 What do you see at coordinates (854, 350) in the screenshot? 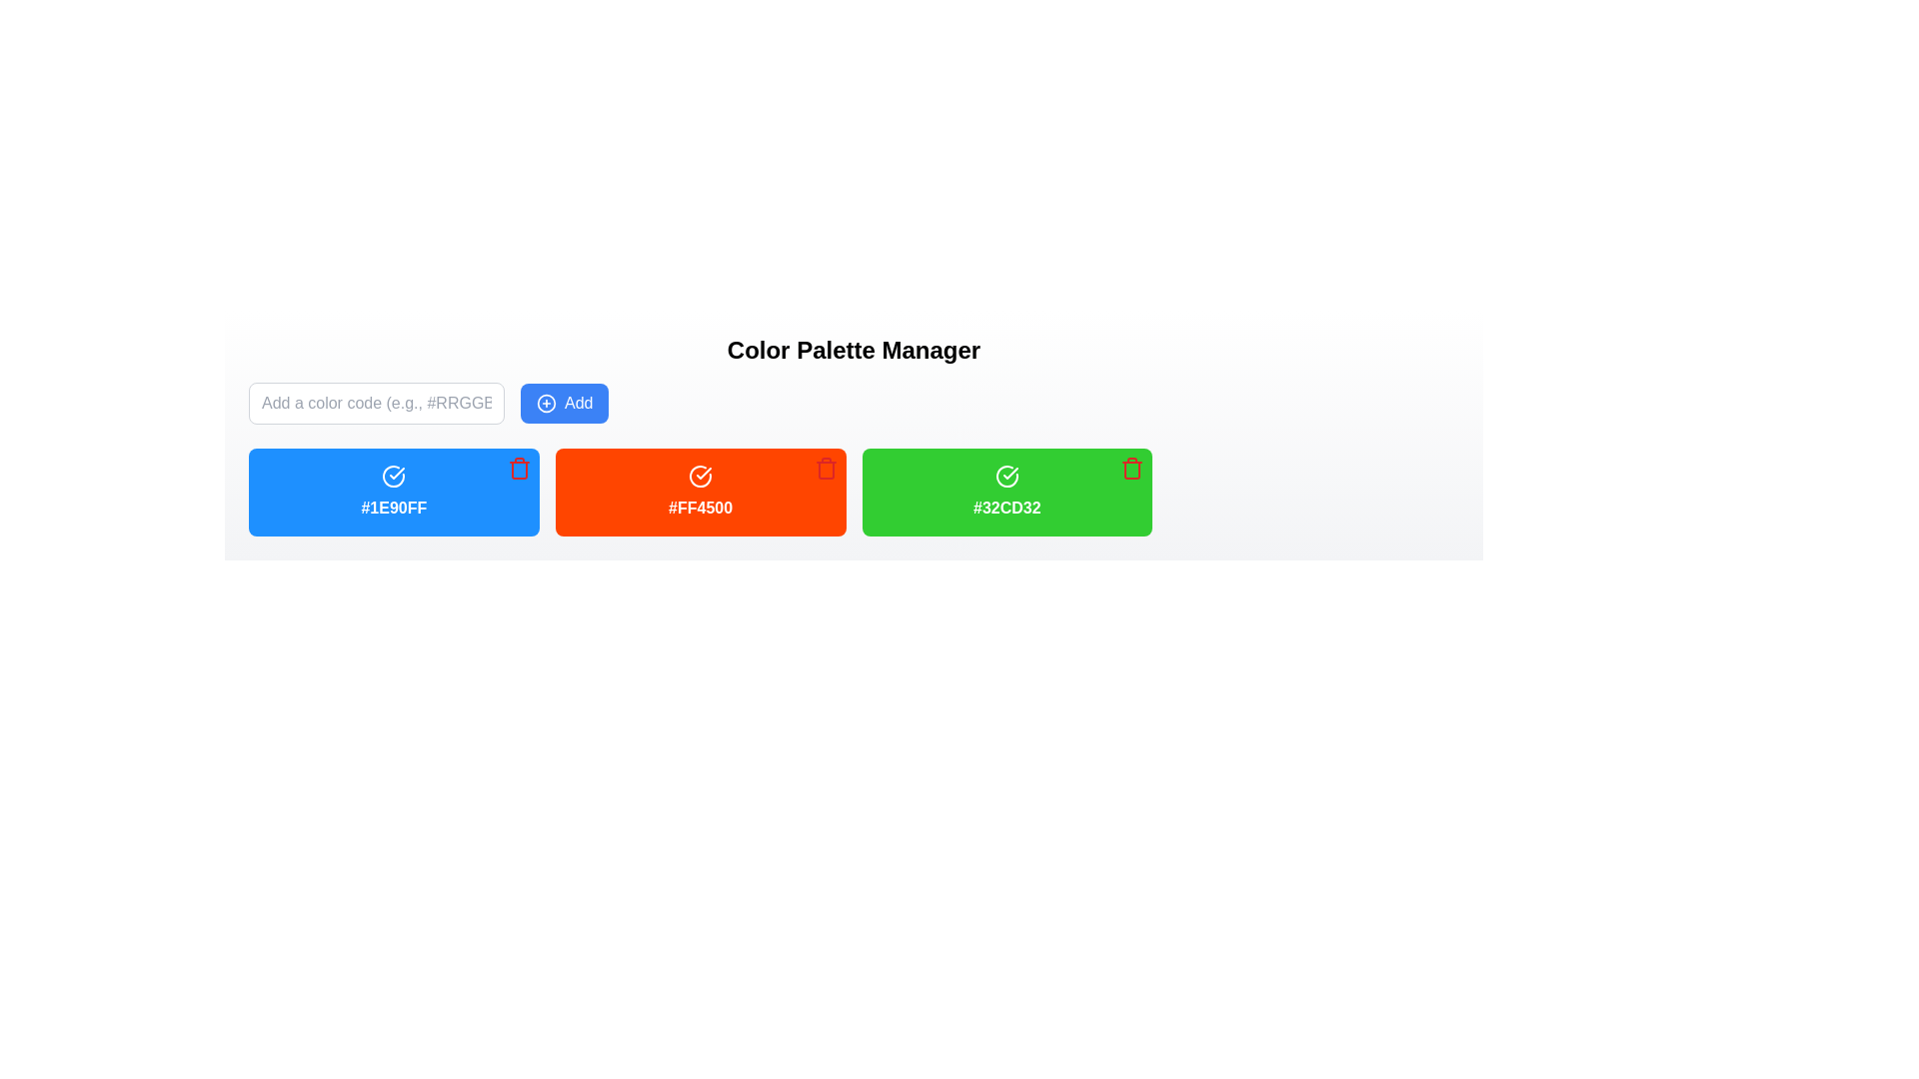
I see `bold text displayed as 'Color Palette Manager', which is prominently positioned at the top of the UI section for managing color palettes` at bounding box center [854, 350].